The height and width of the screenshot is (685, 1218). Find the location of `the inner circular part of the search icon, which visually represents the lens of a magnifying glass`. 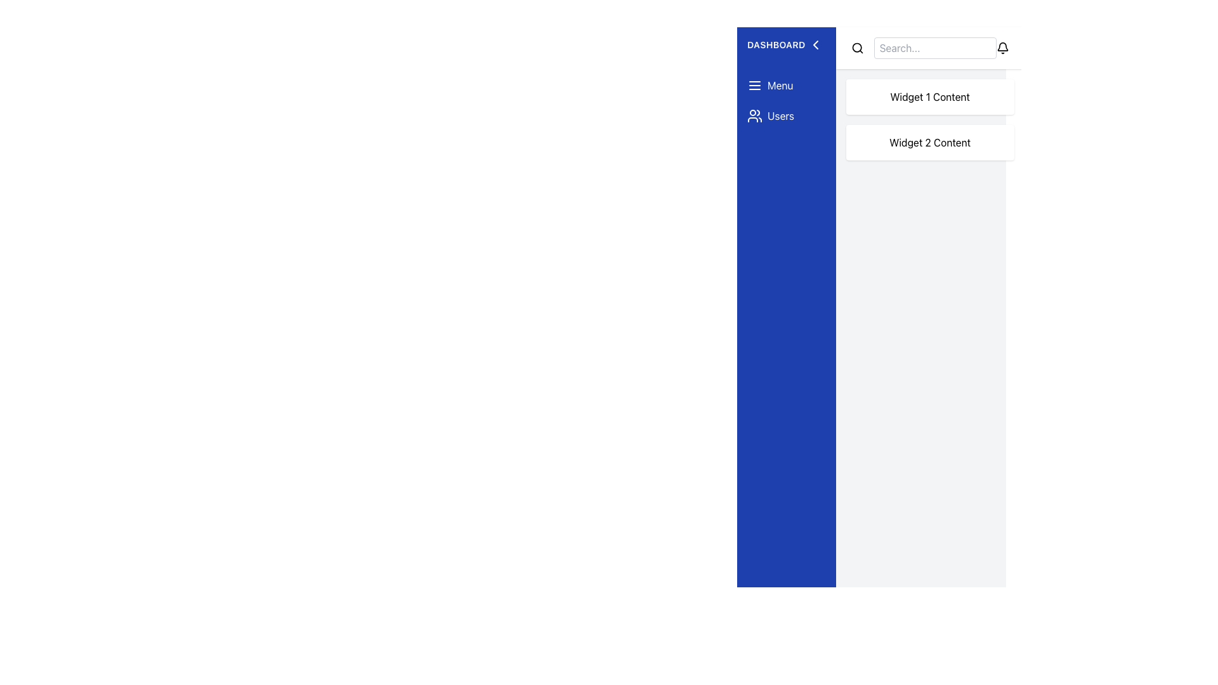

the inner circular part of the search icon, which visually represents the lens of a magnifying glass is located at coordinates (856, 47).